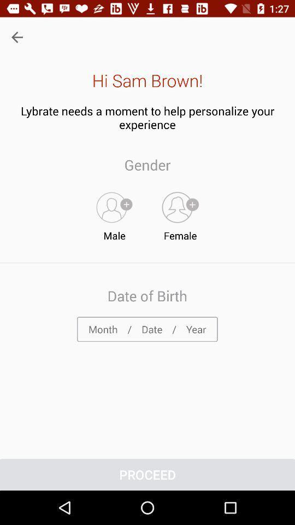 This screenshot has width=295, height=525. Describe the element at coordinates (147, 329) in the screenshot. I see `clique aqui para adicionar a sua idade` at that location.